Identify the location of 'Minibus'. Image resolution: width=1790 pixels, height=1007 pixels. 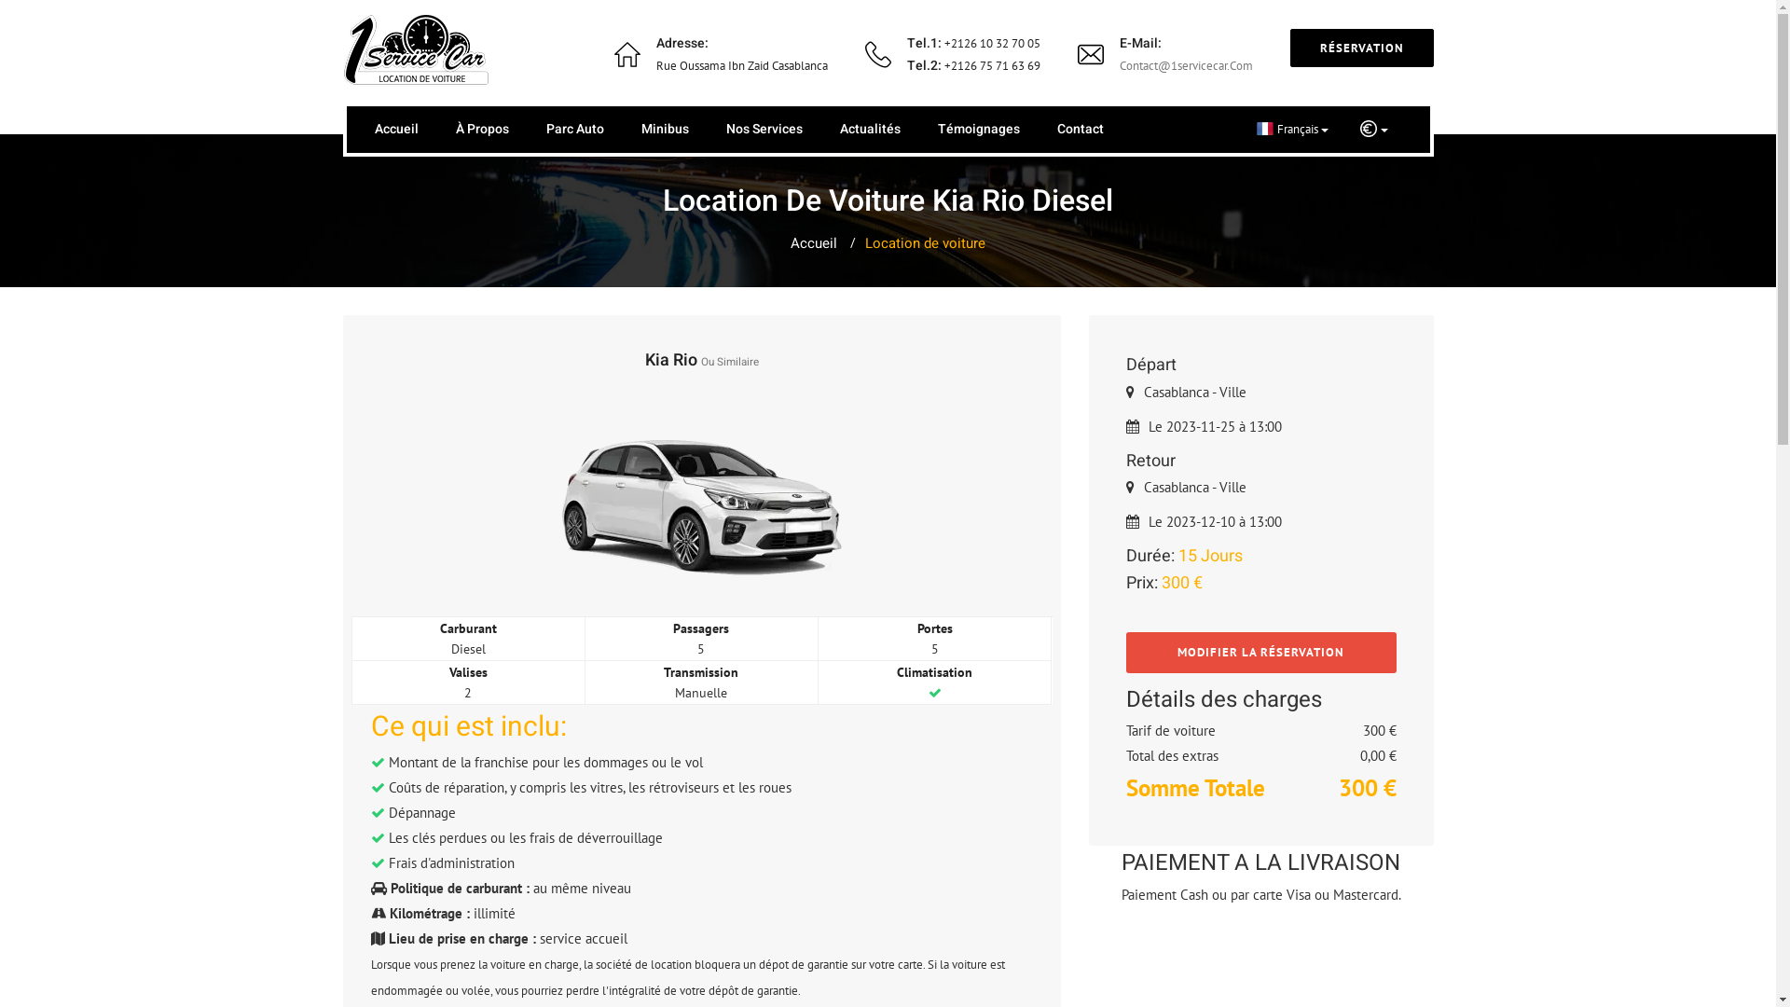
(665, 128).